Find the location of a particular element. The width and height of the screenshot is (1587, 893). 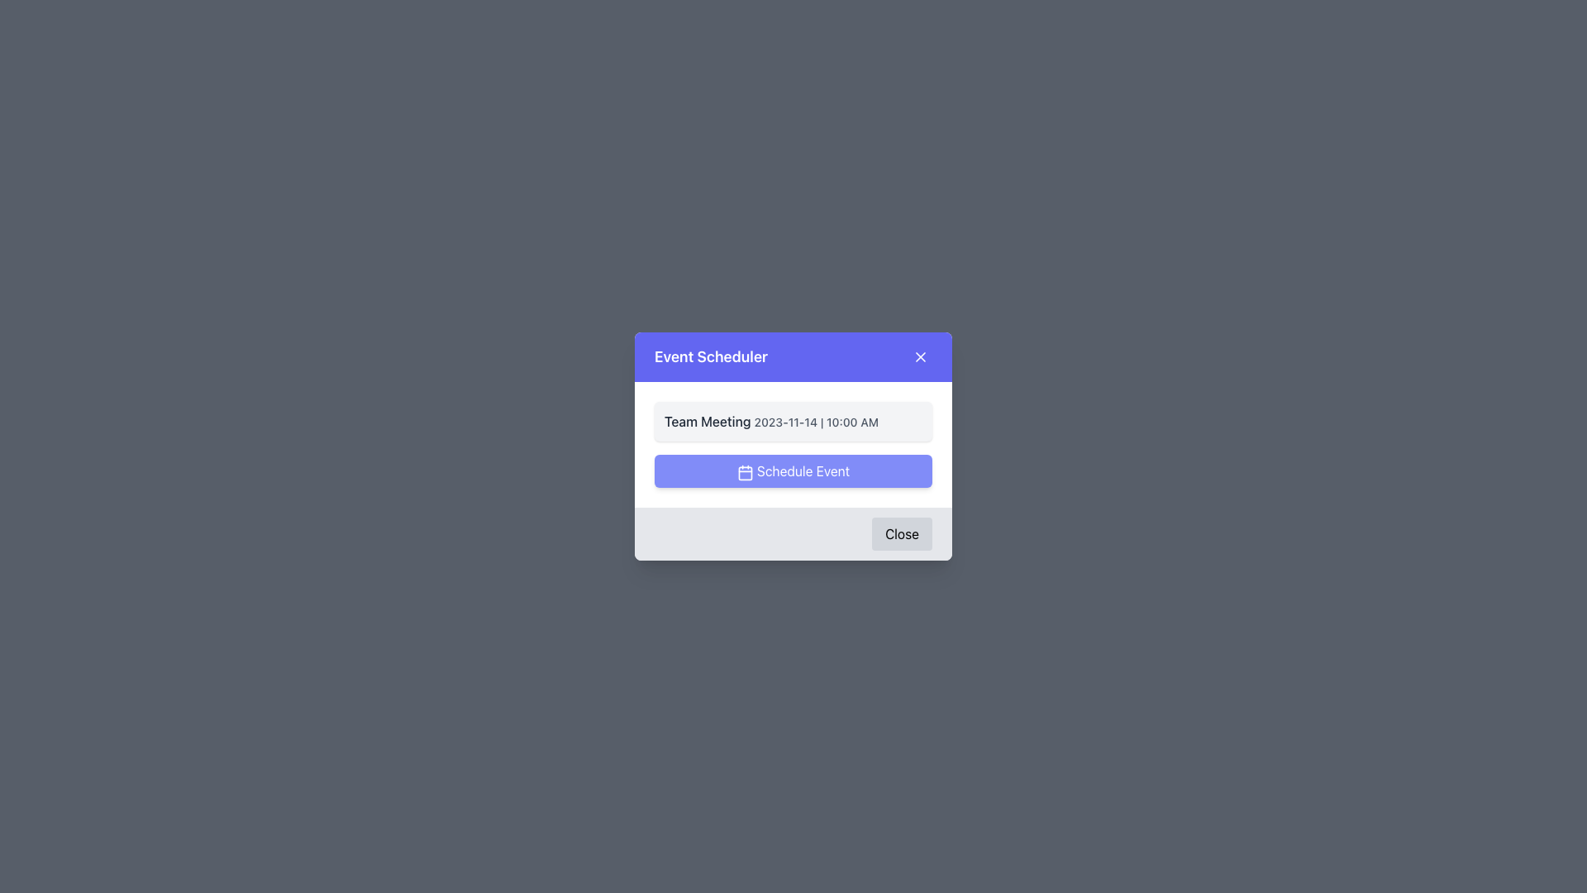

the calendar icon located on the left side of the 'Schedule Event' button, which features a box with small rectangles at the top and a horizontal line in the center is located at coordinates (744, 472).